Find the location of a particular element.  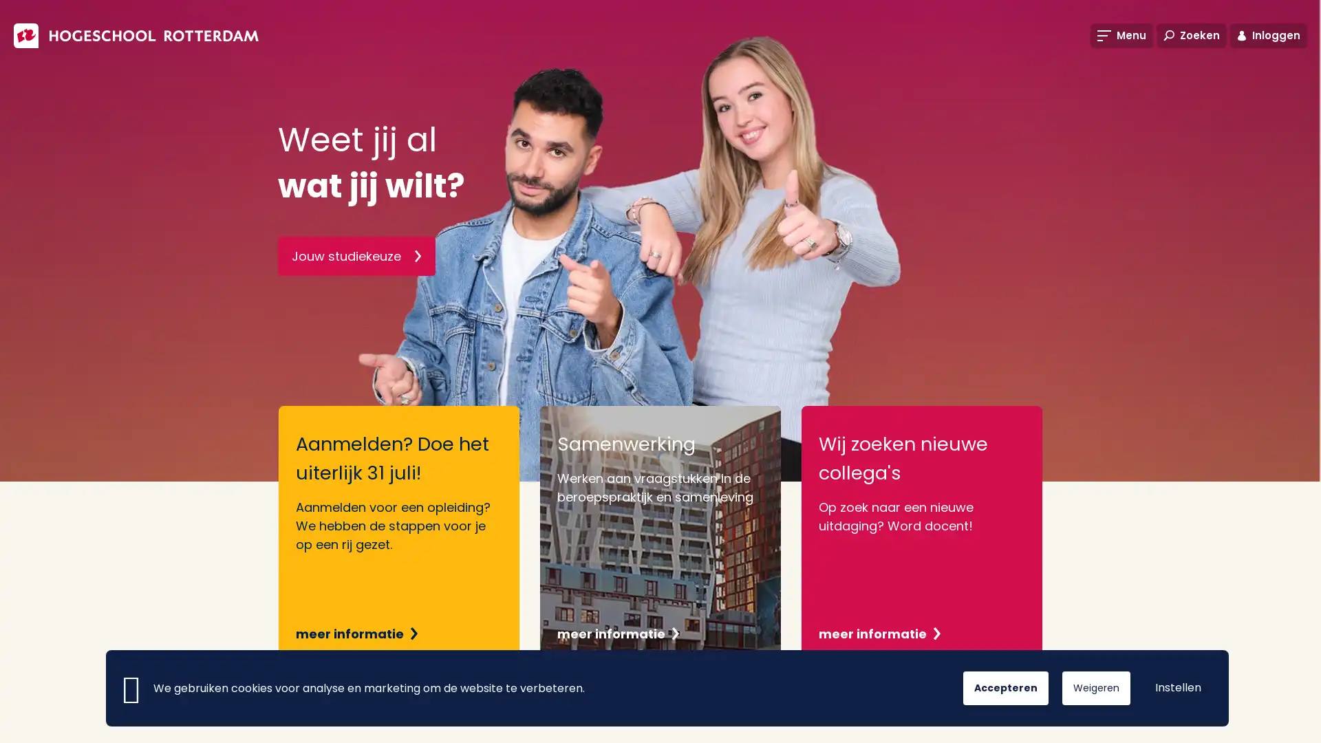

Weigeren is located at coordinates (1095, 688).